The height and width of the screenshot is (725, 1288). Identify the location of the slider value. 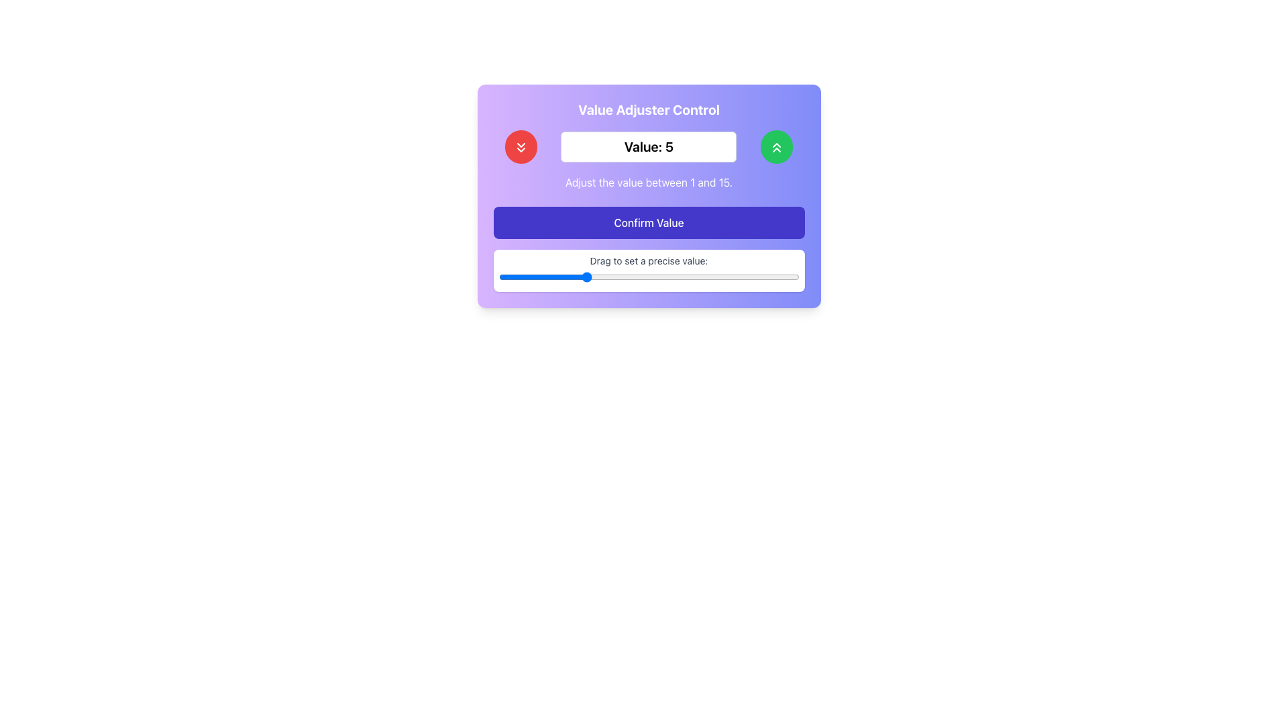
(712, 277).